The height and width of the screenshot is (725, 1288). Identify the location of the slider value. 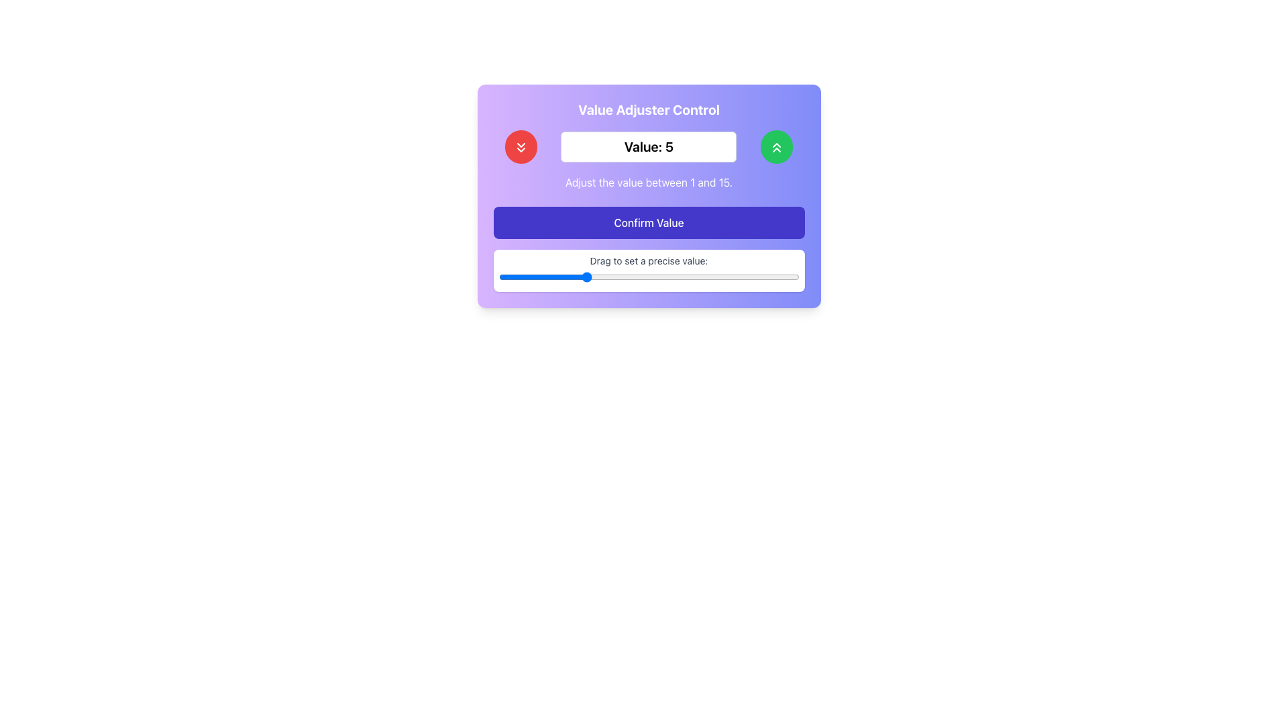
(712, 277).